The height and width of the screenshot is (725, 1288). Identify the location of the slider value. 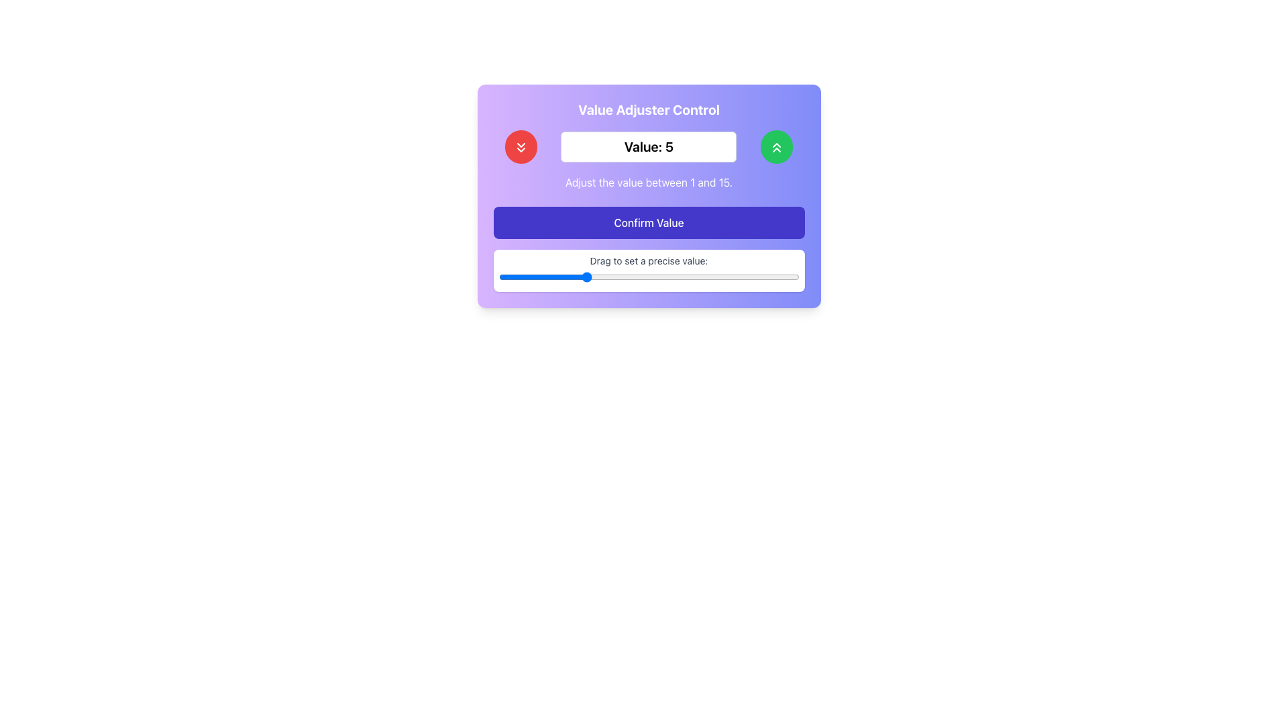
(712, 277).